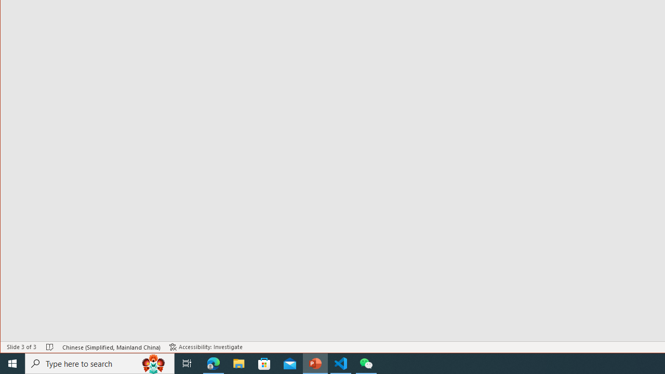 The image size is (665, 374). I want to click on 'PowerPoint - 1 running window', so click(315, 363).